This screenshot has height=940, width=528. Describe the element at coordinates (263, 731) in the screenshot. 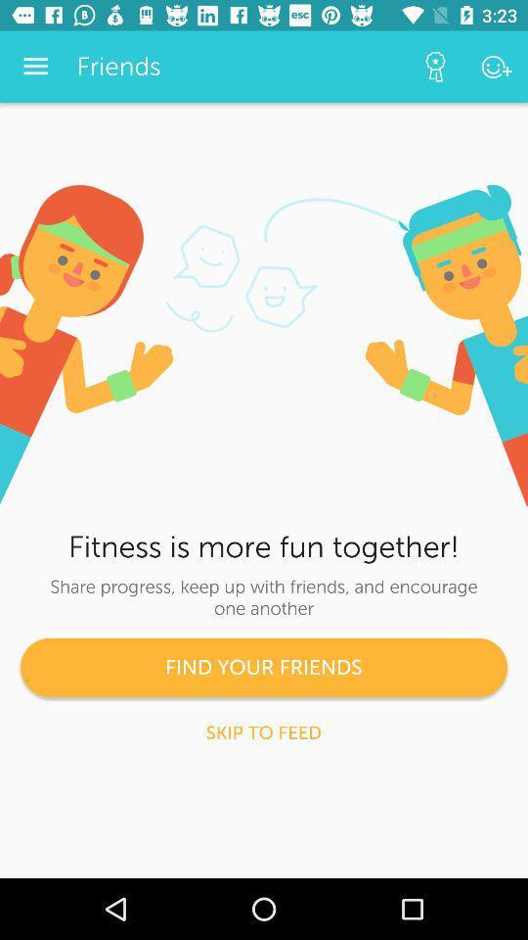

I see `the skip to feed` at that location.